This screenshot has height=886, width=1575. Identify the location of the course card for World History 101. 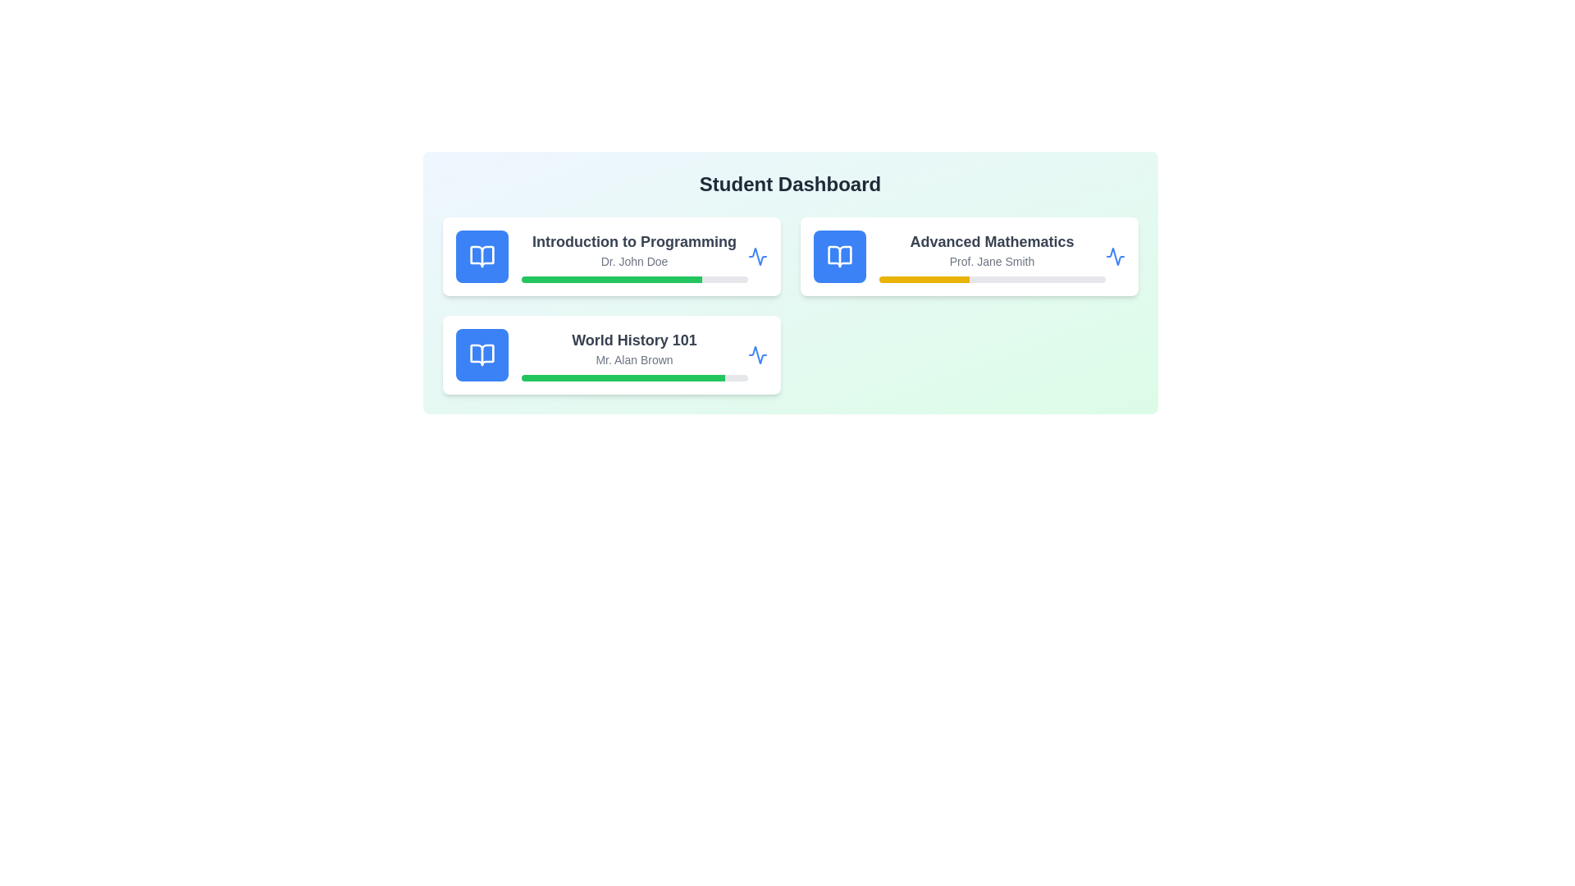
(610, 354).